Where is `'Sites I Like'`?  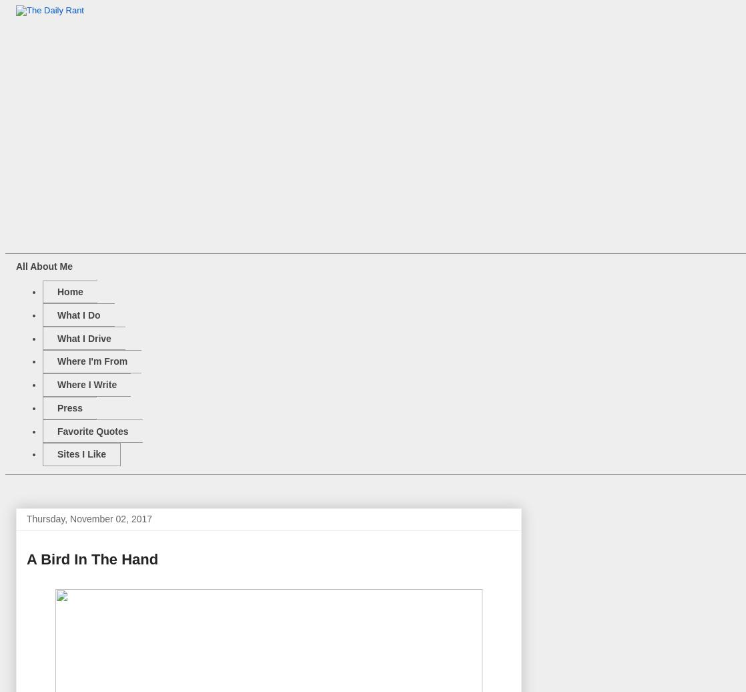 'Sites I Like' is located at coordinates (81, 454).